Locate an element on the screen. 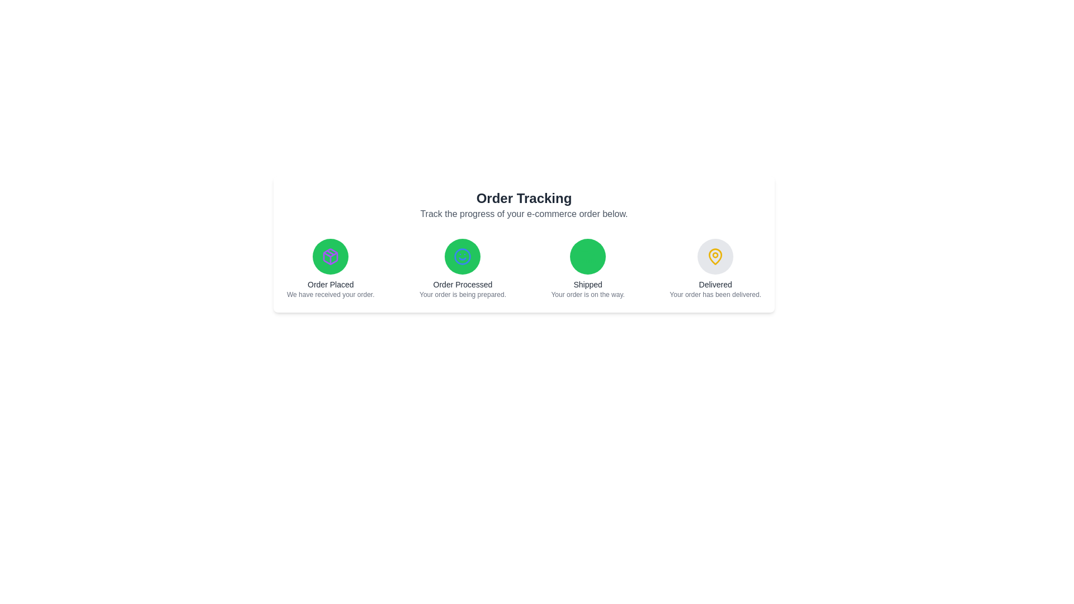 This screenshot has width=1074, height=604. the 'Order Placed' icon, which is the first in a row of four similar icons representing order tracking stages is located at coordinates (330, 257).